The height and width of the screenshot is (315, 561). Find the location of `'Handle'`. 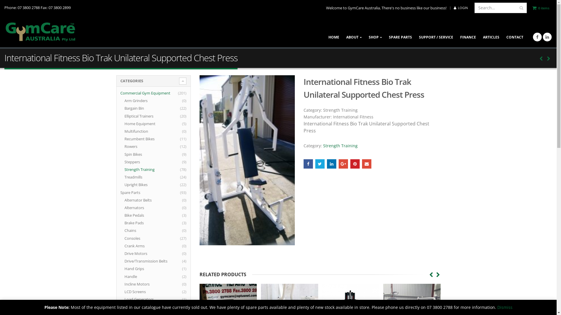

'Handle' is located at coordinates (134, 276).